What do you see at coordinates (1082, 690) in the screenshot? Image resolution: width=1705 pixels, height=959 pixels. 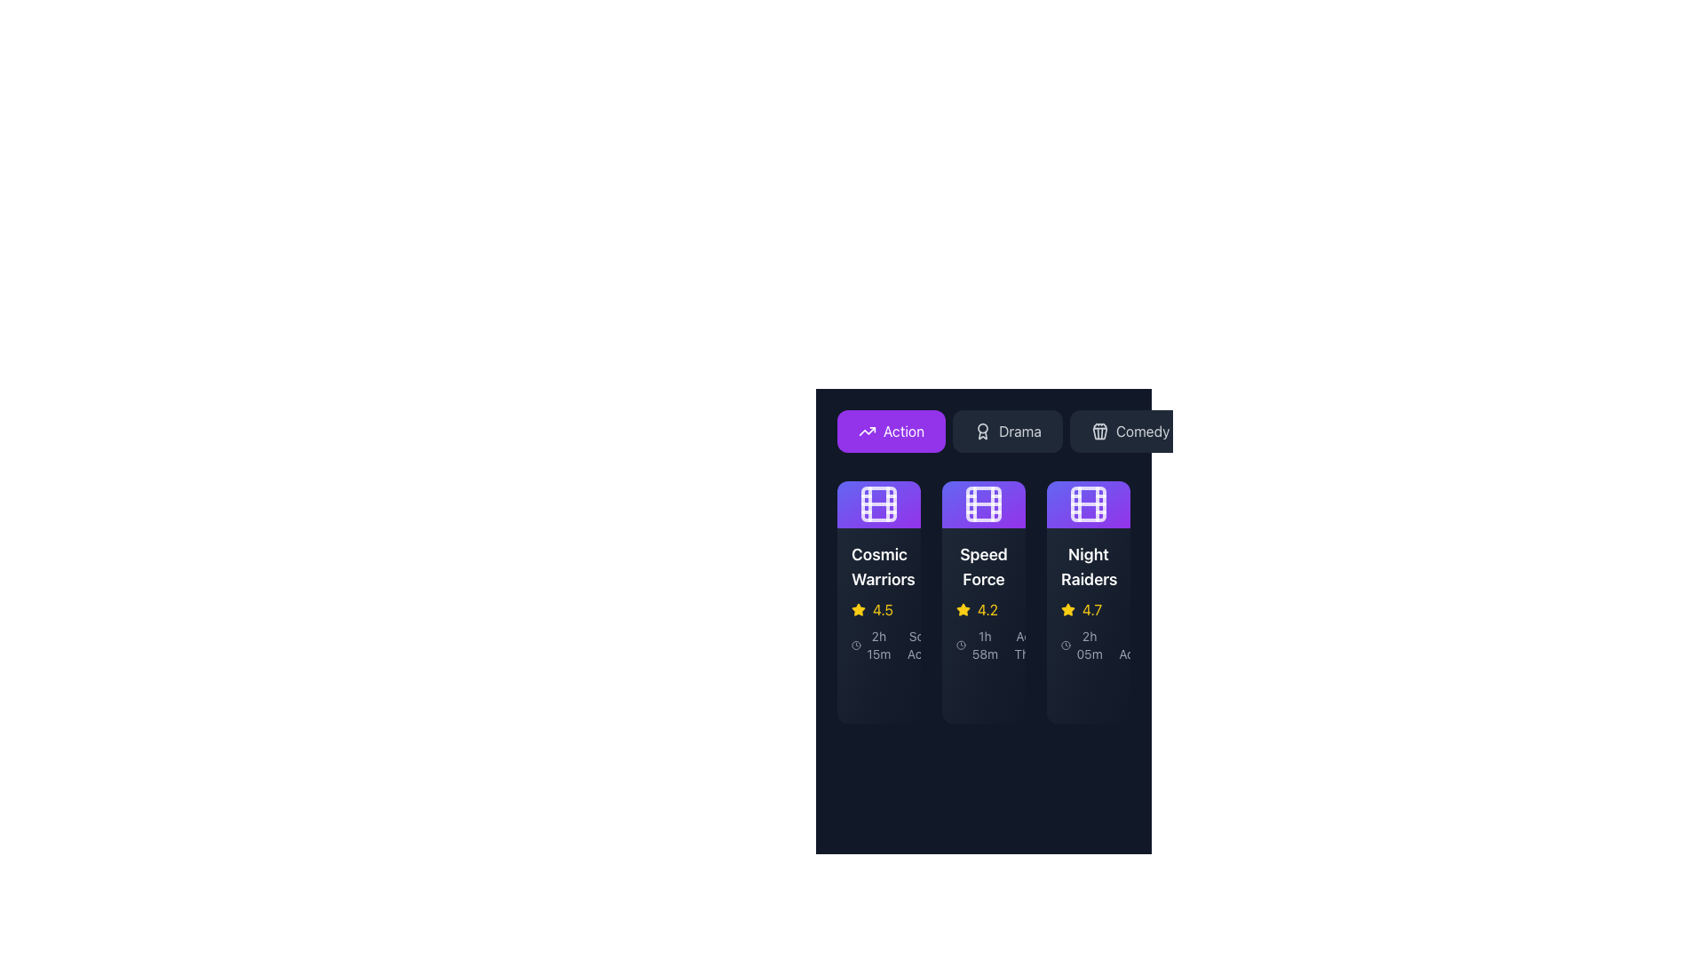 I see `the presence of the 'Play' icon, which is visually represented and located centrally within the 'Play' button beneath the movie details for 'Night Raiders'` at bounding box center [1082, 690].